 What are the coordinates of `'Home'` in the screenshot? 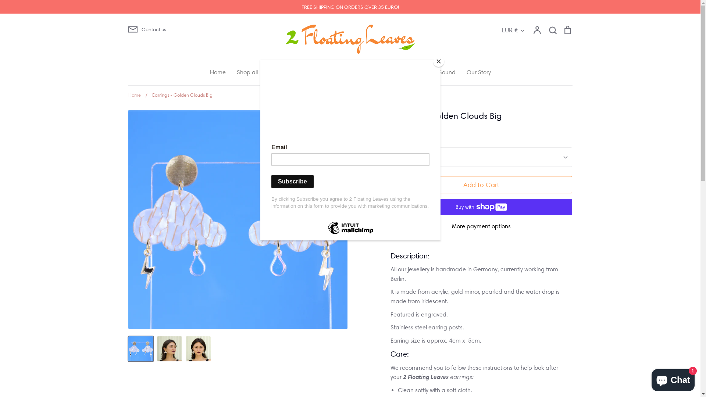 It's located at (217, 72).